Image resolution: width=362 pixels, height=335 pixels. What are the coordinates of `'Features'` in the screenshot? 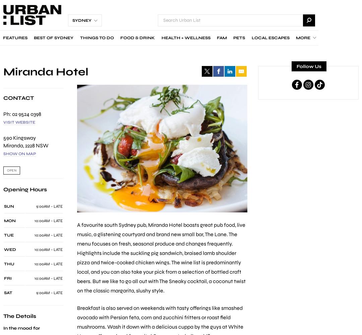 It's located at (15, 38).